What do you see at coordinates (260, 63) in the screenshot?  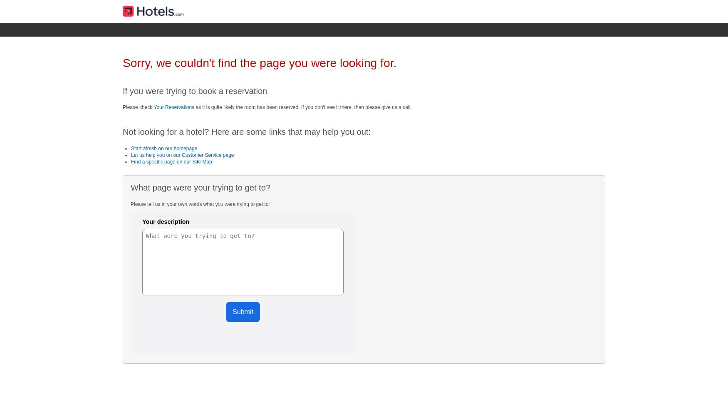 I see `'Sorry, we couldn't find the page you were looking for.'` at bounding box center [260, 63].